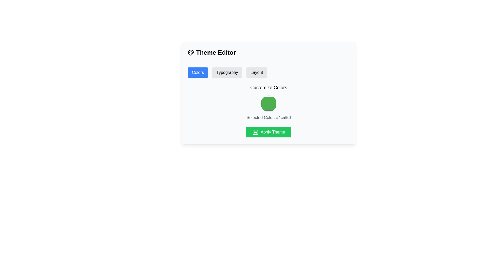 The height and width of the screenshot is (280, 498). What do you see at coordinates (190, 53) in the screenshot?
I see `the painter's palette icon located to the left of the 'Theme Editor' text in the header area` at bounding box center [190, 53].